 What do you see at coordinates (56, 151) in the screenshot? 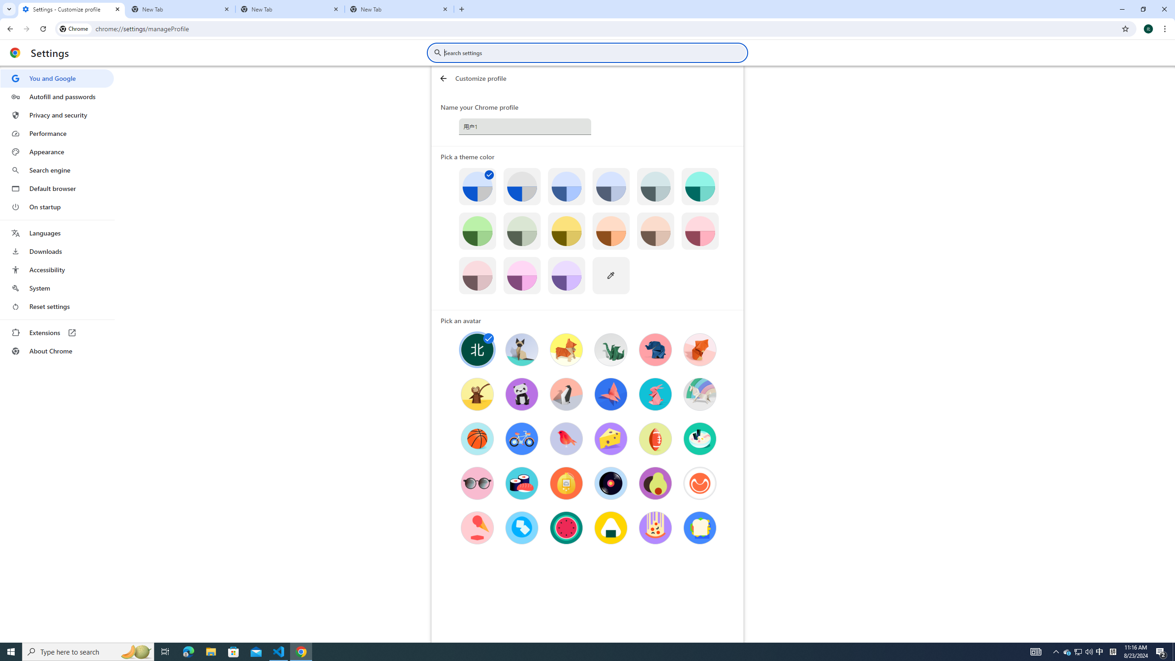
I see `'Appearance'` at bounding box center [56, 151].